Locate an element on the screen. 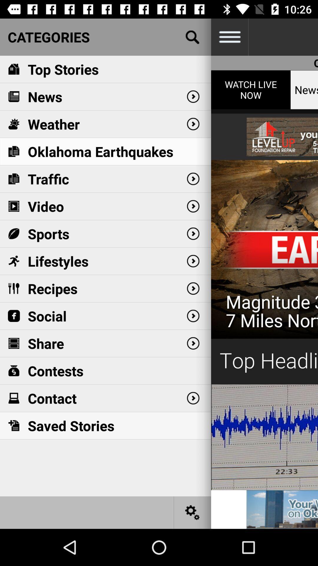  color print is located at coordinates (264, 280).